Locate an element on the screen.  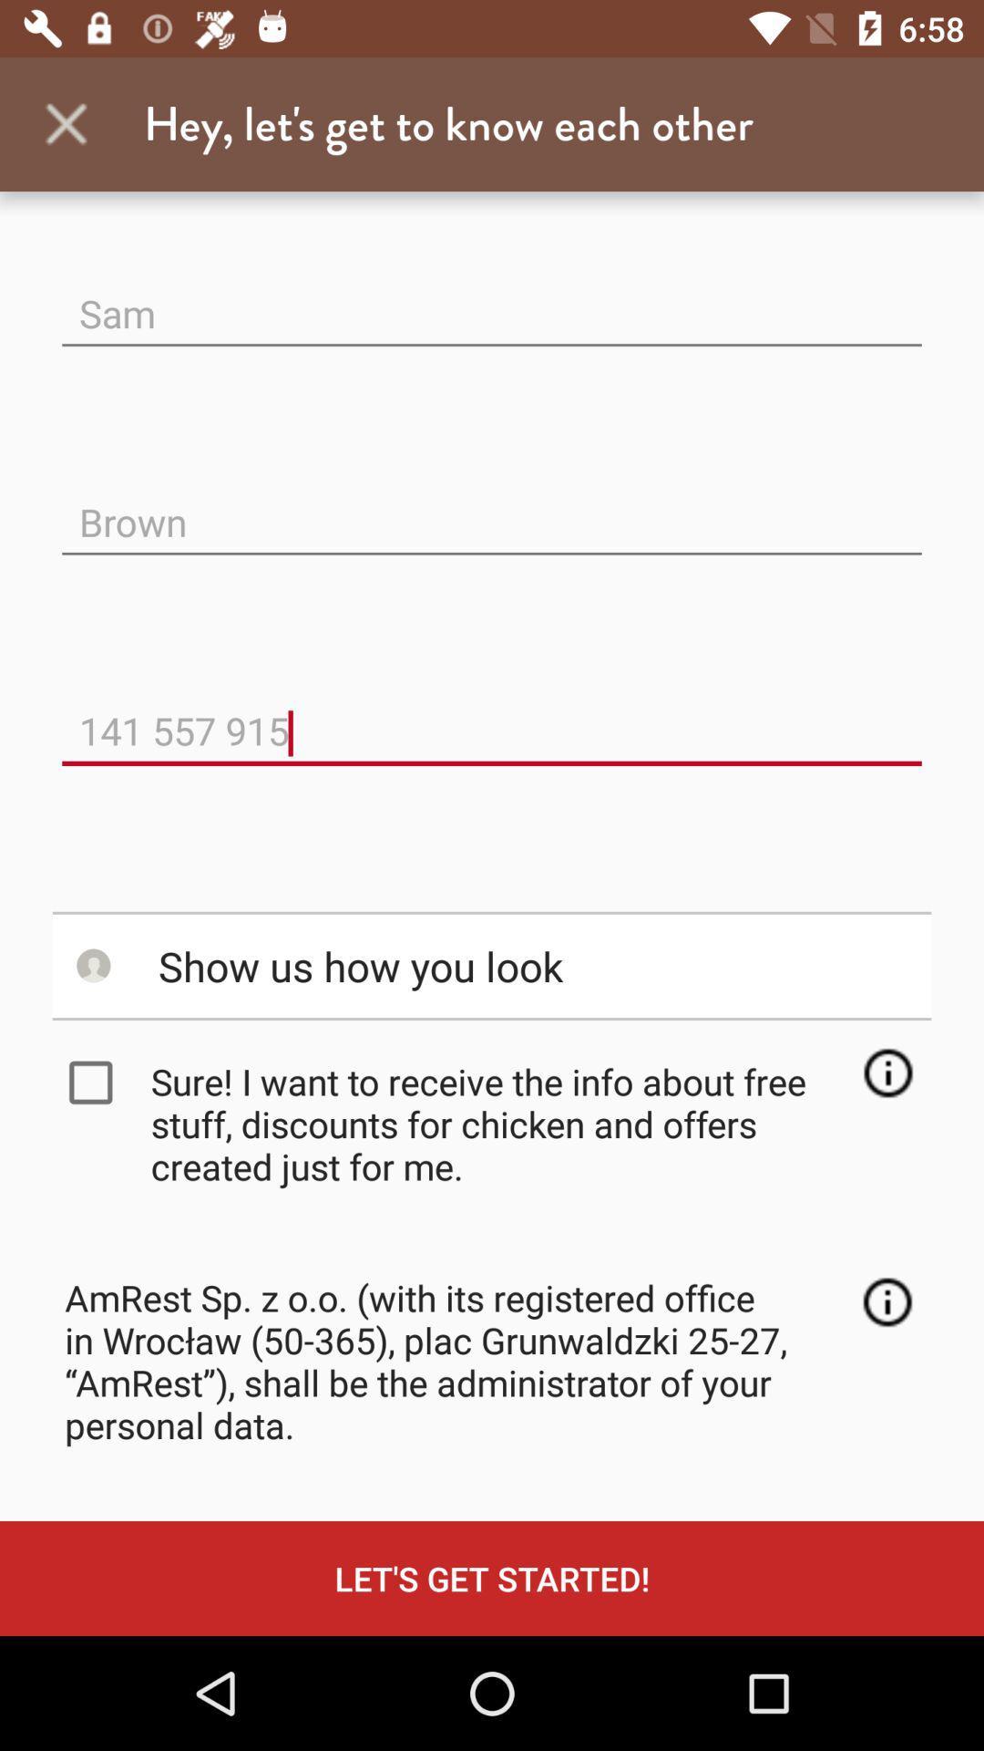
app next to hey let s is located at coordinates (66, 123).